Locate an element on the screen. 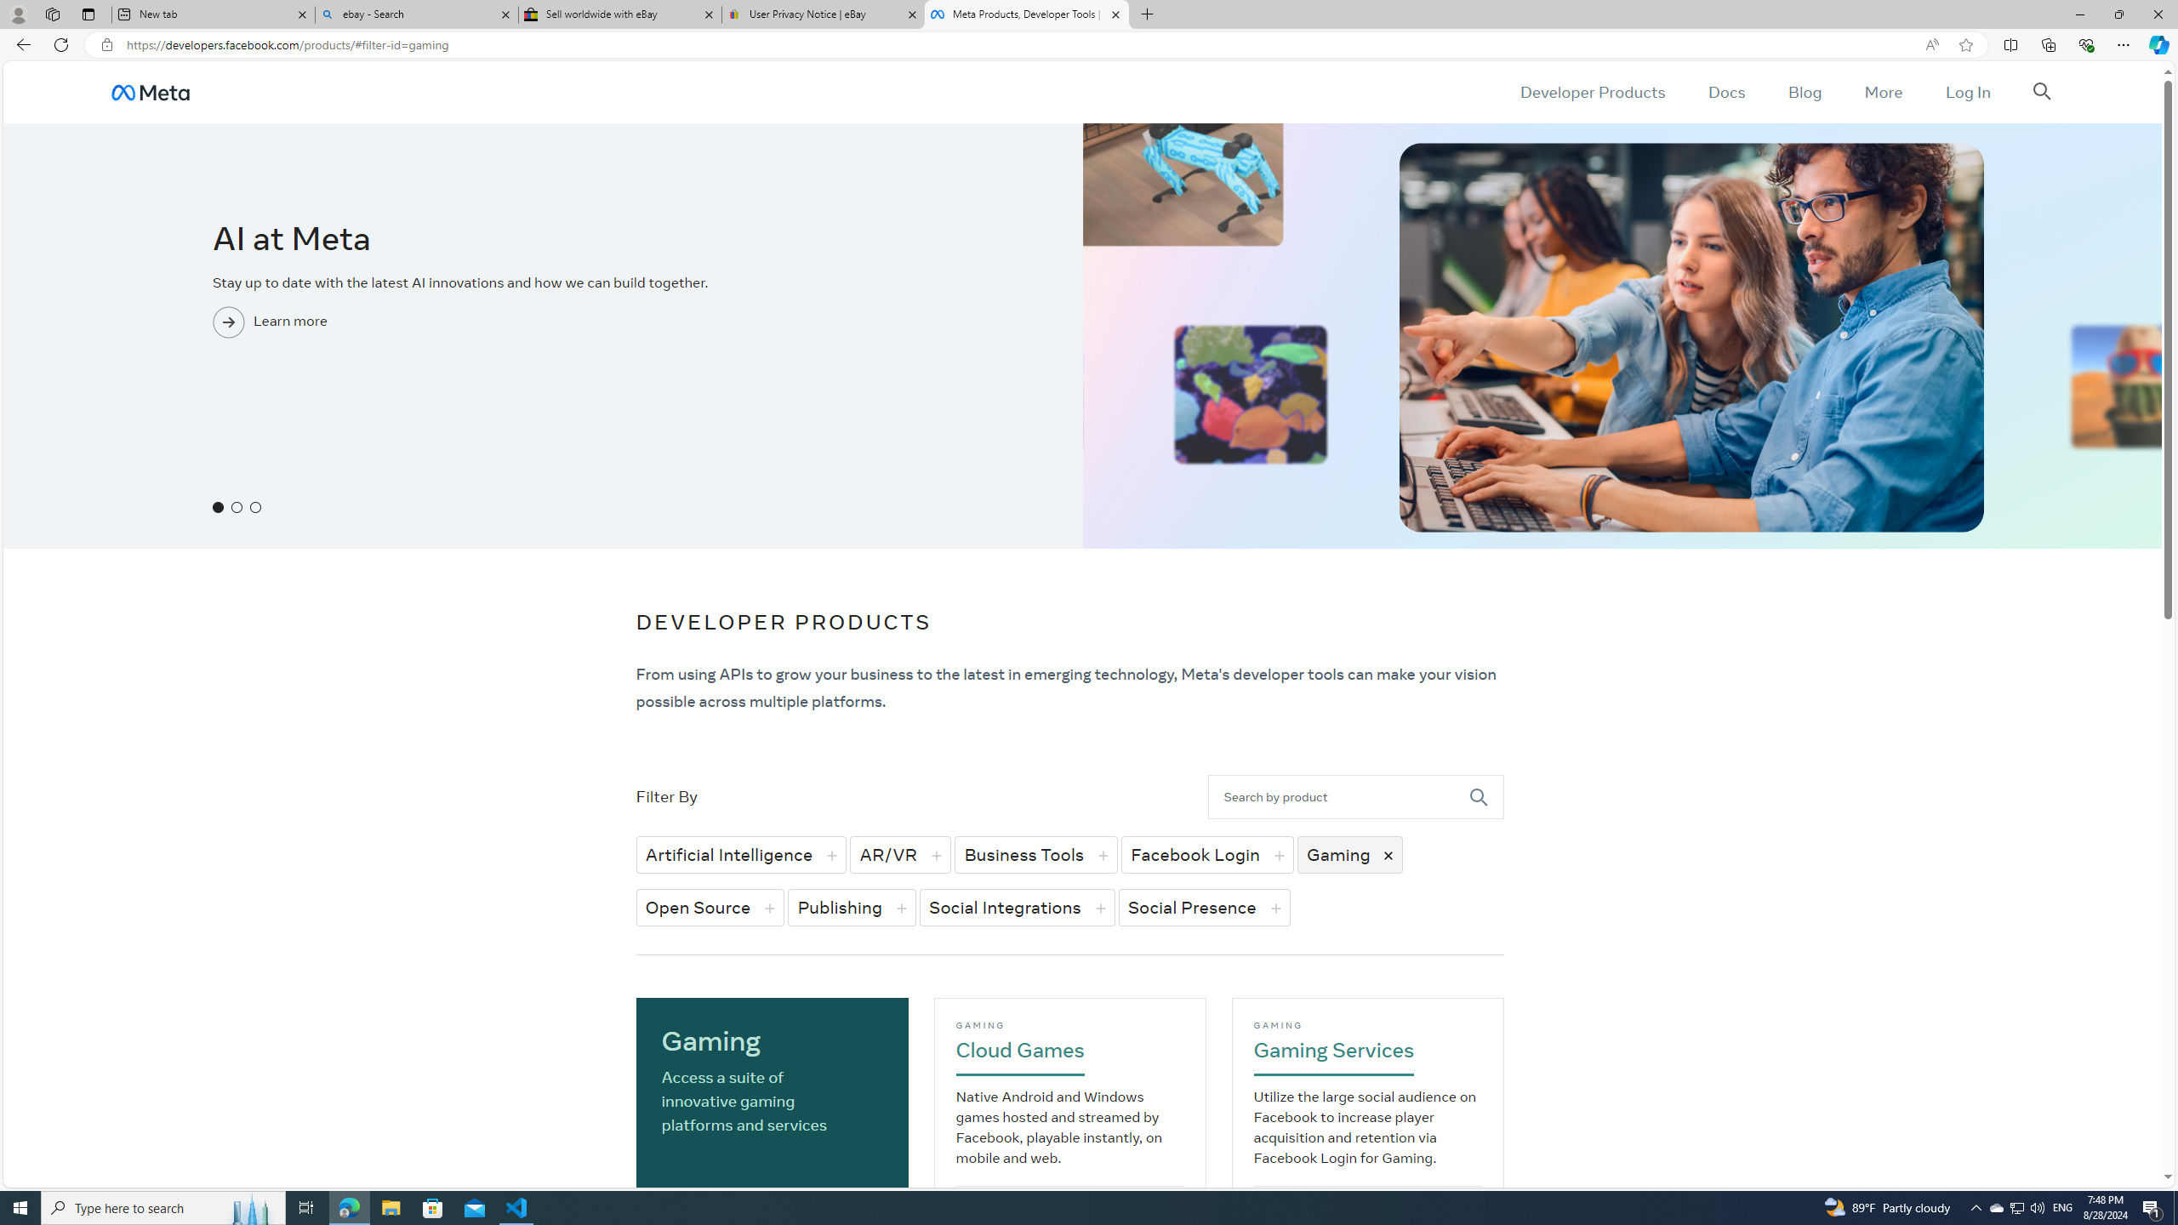 The image size is (2178, 1225). 'More' is located at coordinates (1883, 91).